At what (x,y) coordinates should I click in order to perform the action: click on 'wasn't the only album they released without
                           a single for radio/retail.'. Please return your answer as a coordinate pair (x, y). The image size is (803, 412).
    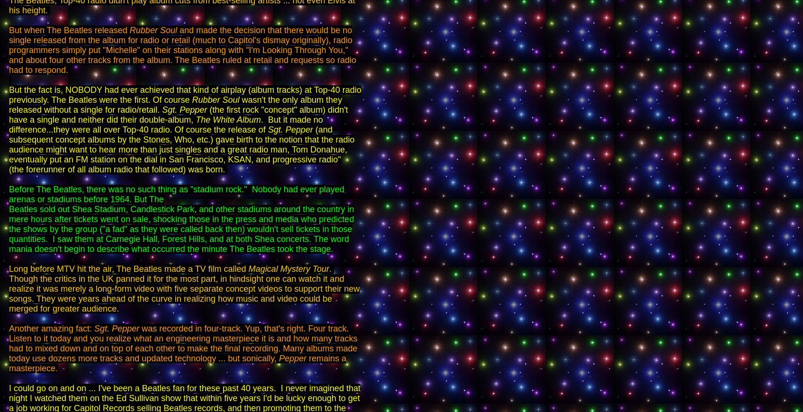
    Looking at the image, I should click on (9, 105).